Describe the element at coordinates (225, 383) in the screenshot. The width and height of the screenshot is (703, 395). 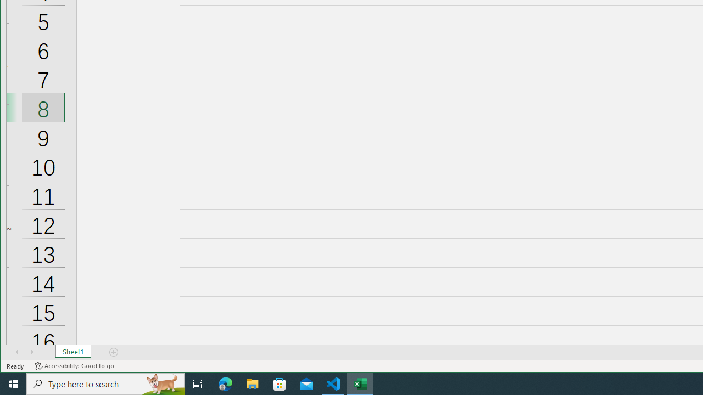
I see `'Microsoft Edge'` at that location.